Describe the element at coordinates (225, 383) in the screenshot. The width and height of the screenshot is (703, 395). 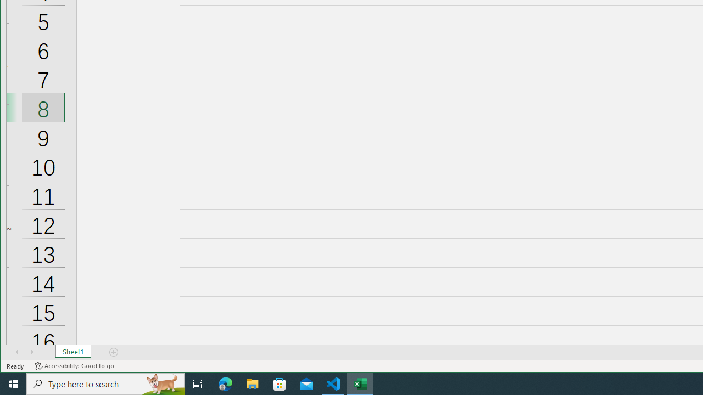
I see `'Microsoft Edge'` at that location.